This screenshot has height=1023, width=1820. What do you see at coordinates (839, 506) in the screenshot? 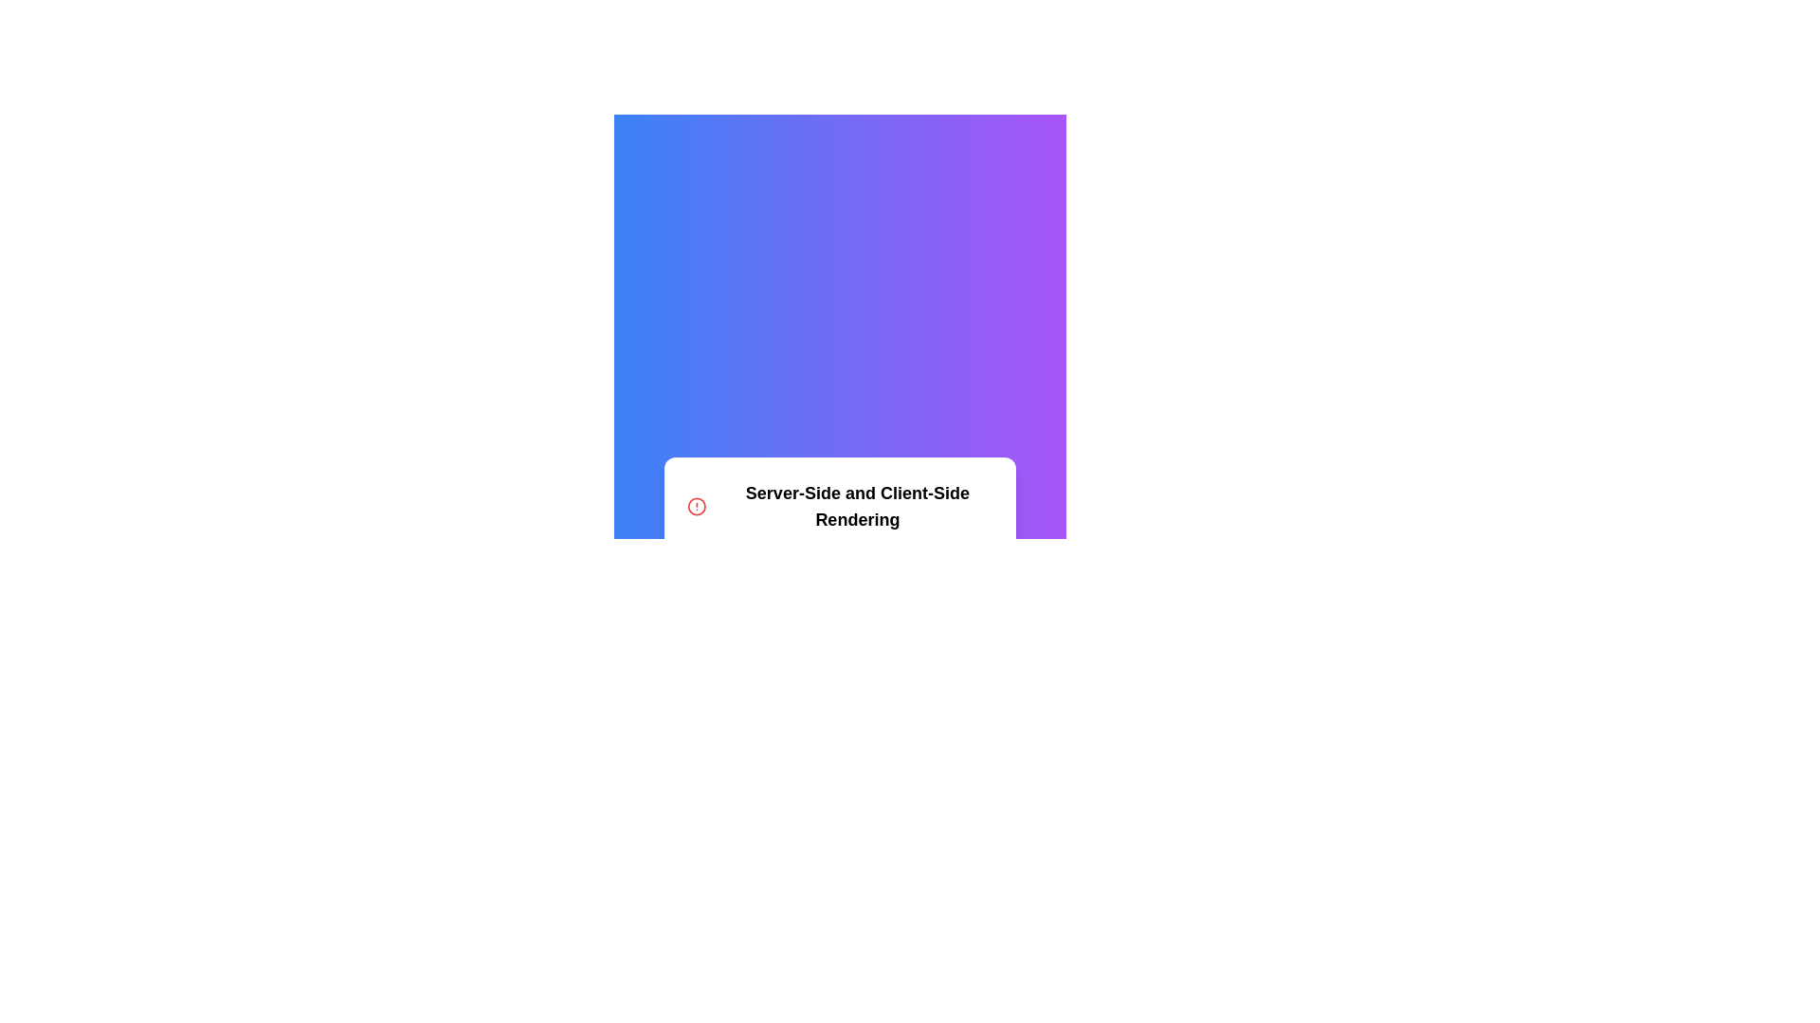
I see `the Text Header with Icon that displays 'Server-Side and Client-Side Rendering' and has an alert symbol icon to its left` at bounding box center [839, 506].